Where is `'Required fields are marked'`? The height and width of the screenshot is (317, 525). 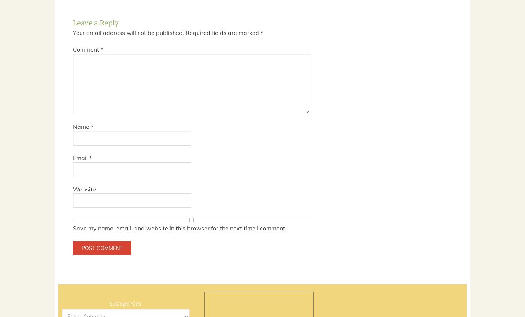 'Required fields are marked' is located at coordinates (223, 32).